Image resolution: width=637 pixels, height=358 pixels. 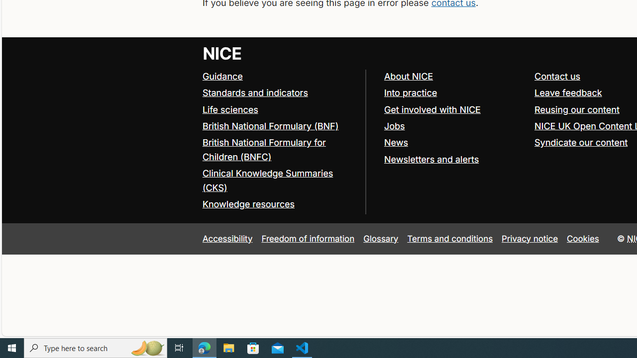 What do you see at coordinates (226, 238) in the screenshot?
I see `'Accessibility'` at bounding box center [226, 238].